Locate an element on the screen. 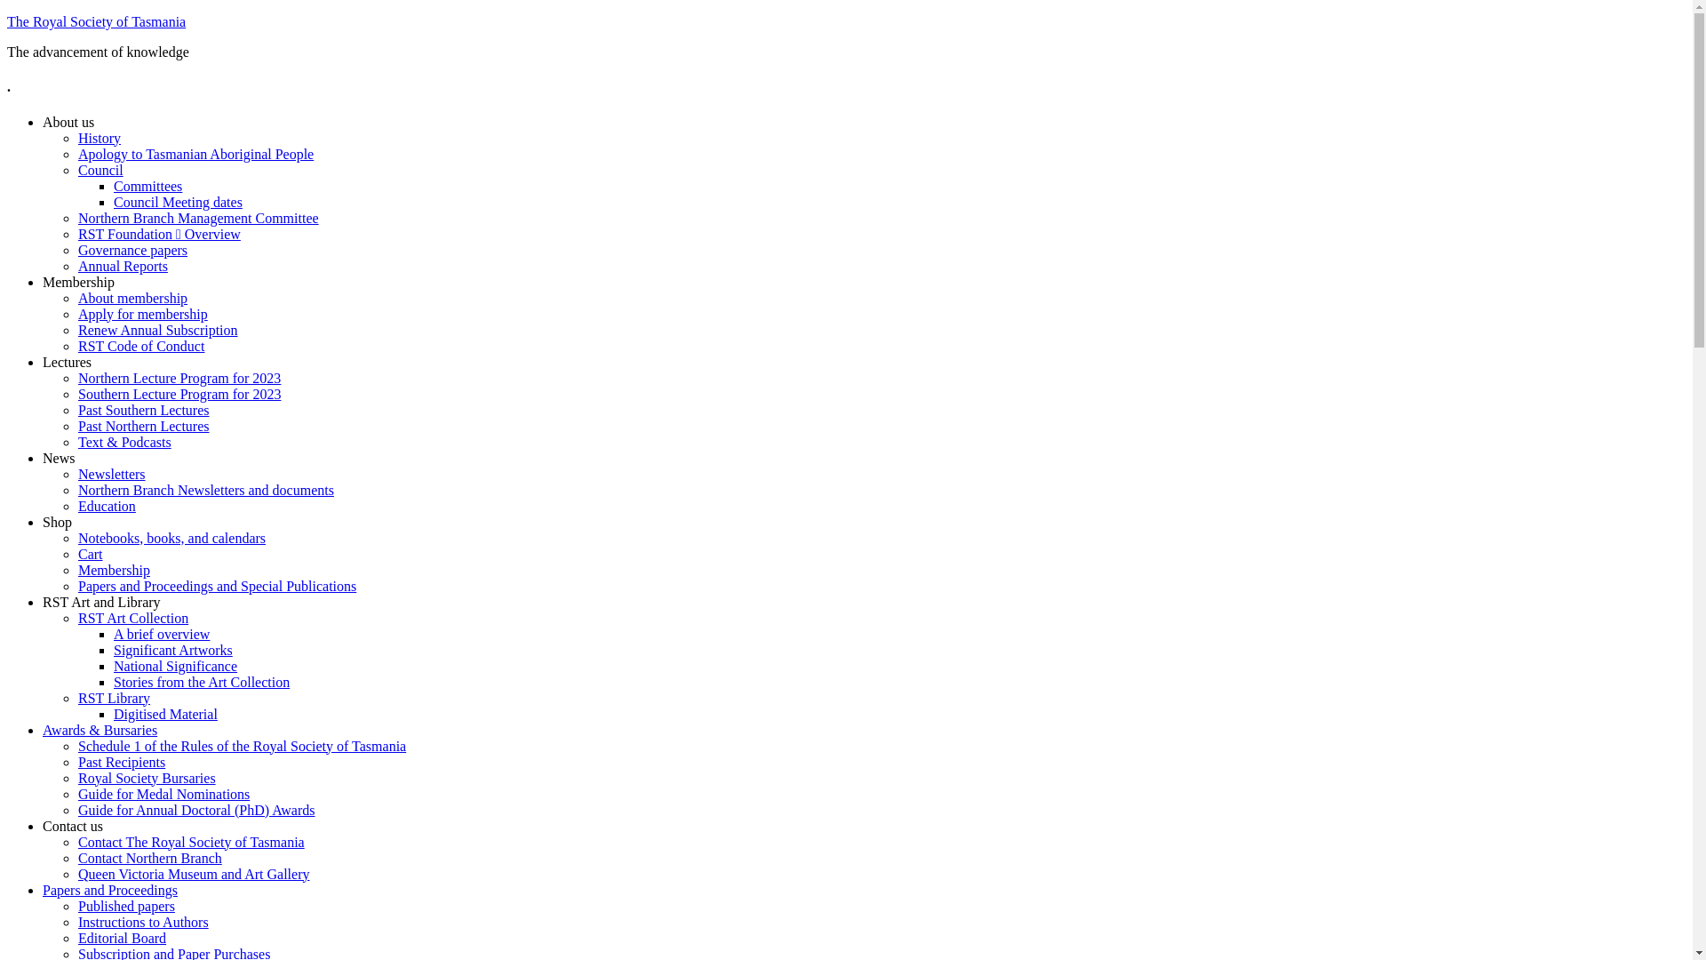 The image size is (1706, 960). 'The Royal Society of Tasmania' is located at coordinates (7, 21).